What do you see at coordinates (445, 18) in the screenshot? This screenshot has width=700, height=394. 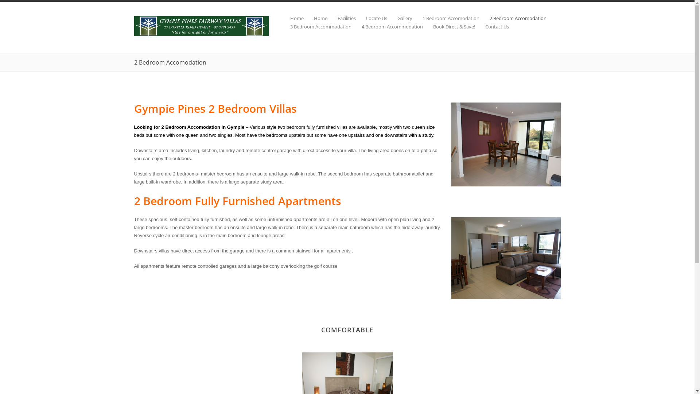 I see `'1 Bedroom Accomodation'` at bounding box center [445, 18].